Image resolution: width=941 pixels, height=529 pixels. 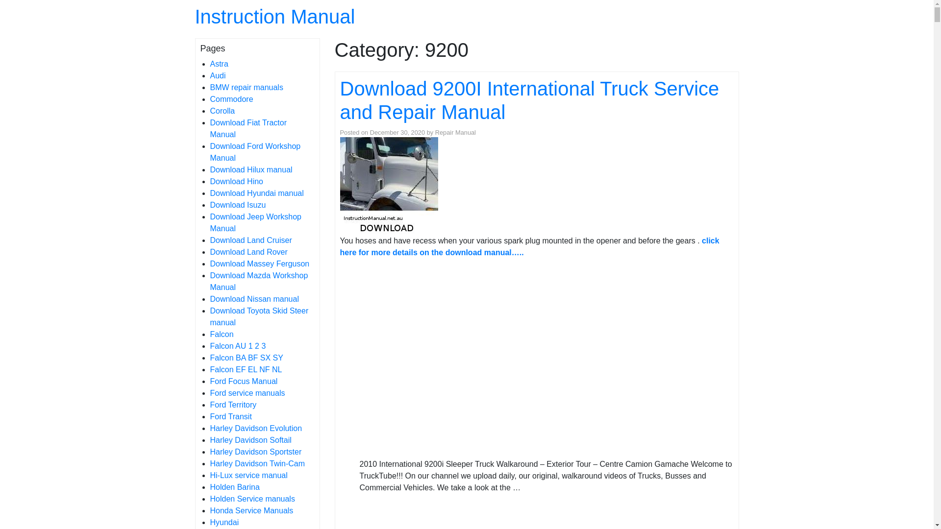 What do you see at coordinates (232, 405) in the screenshot?
I see `'Ford Territory'` at bounding box center [232, 405].